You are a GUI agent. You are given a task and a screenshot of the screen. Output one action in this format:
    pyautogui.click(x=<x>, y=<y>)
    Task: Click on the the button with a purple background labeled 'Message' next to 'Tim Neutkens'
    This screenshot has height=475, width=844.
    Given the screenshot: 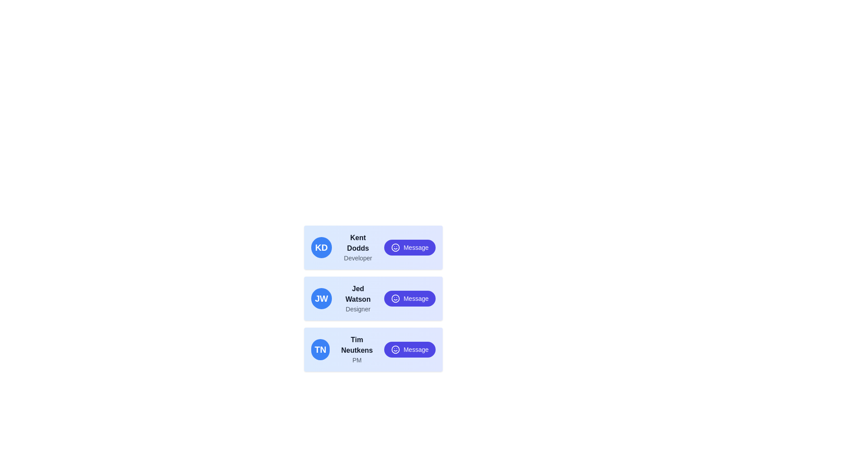 What is the action you would take?
    pyautogui.click(x=409, y=349)
    